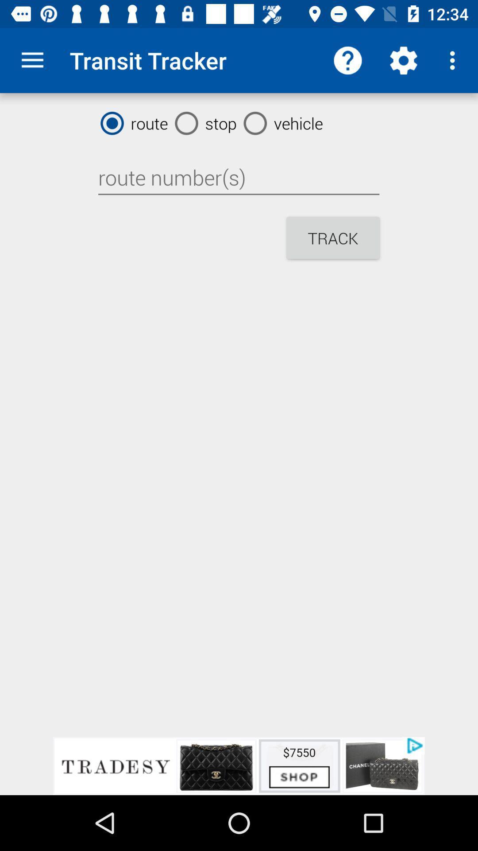 The width and height of the screenshot is (478, 851). I want to click on route number 's, so click(238, 177).